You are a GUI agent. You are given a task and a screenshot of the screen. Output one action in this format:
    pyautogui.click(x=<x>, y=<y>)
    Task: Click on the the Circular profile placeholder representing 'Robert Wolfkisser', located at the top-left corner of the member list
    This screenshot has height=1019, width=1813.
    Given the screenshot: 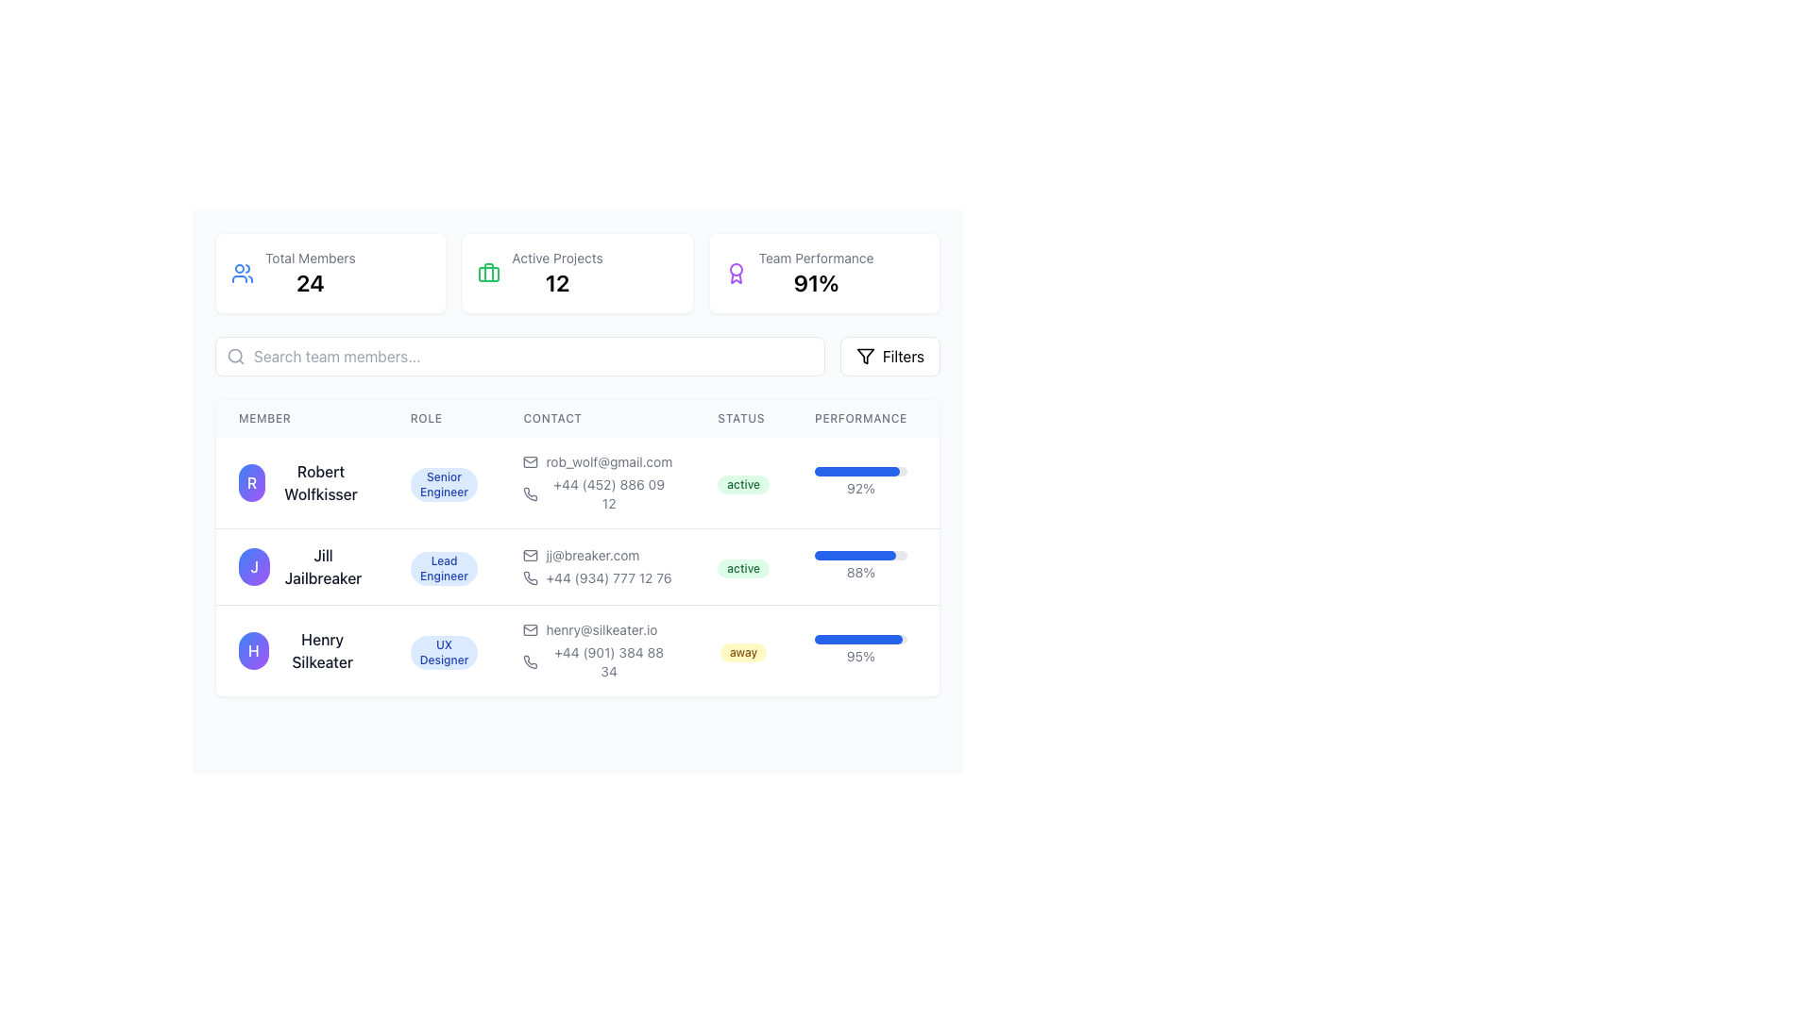 What is the action you would take?
    pyautogui.click(x=251, y=482)
    